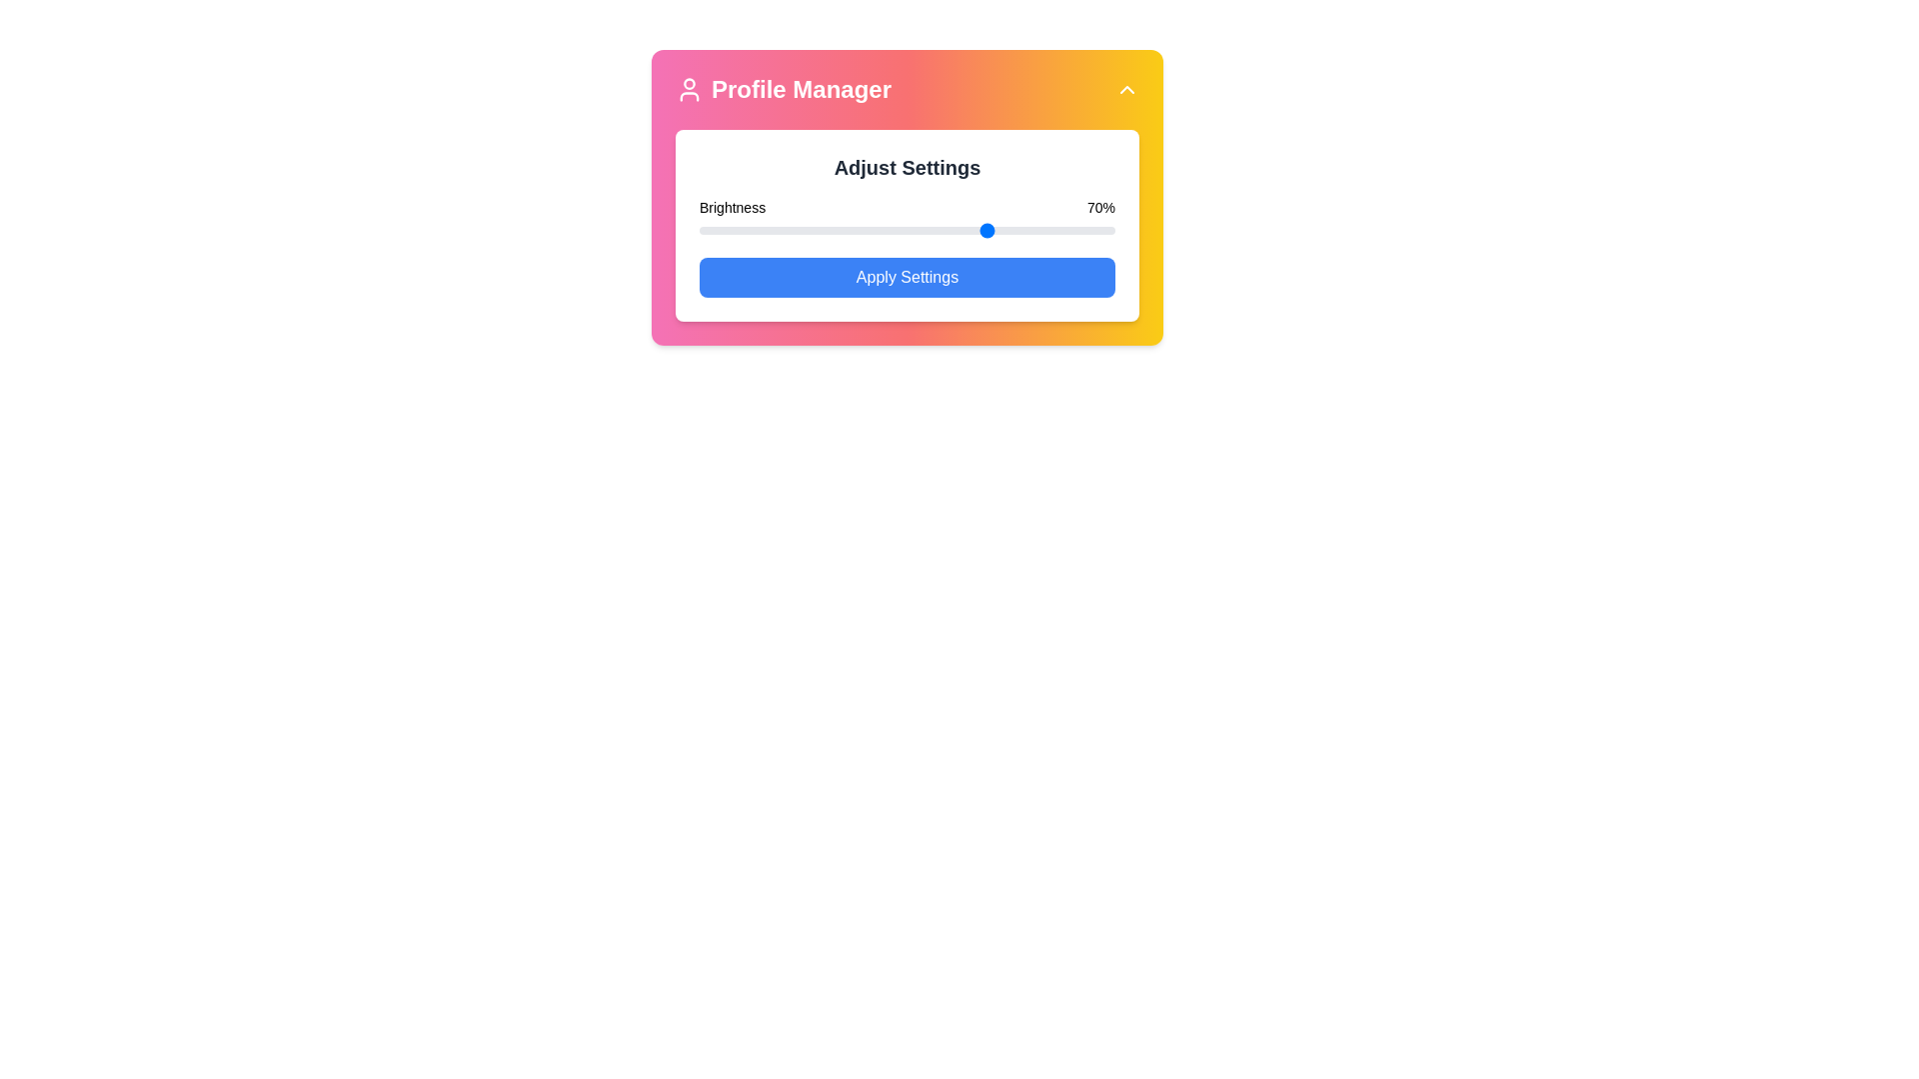  I want to click on brightness, so click(798, 230).